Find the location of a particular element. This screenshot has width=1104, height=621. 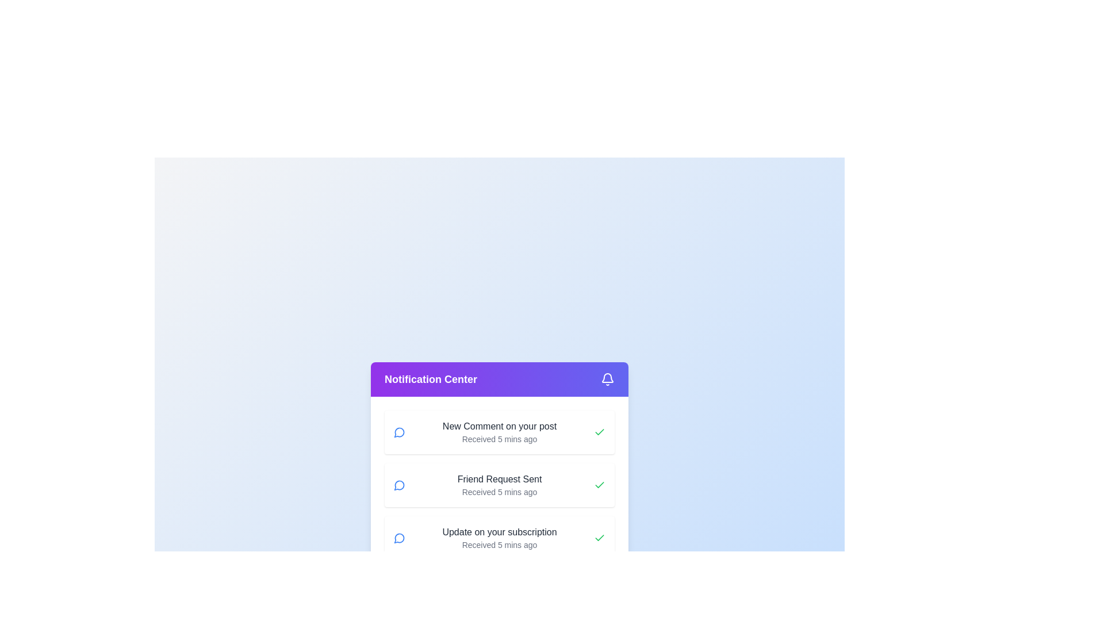

text element displaying 'New Comment on your post' located in the notification card at the top-center of the 'Notification Center' interface is located at coordinates (499, 426).